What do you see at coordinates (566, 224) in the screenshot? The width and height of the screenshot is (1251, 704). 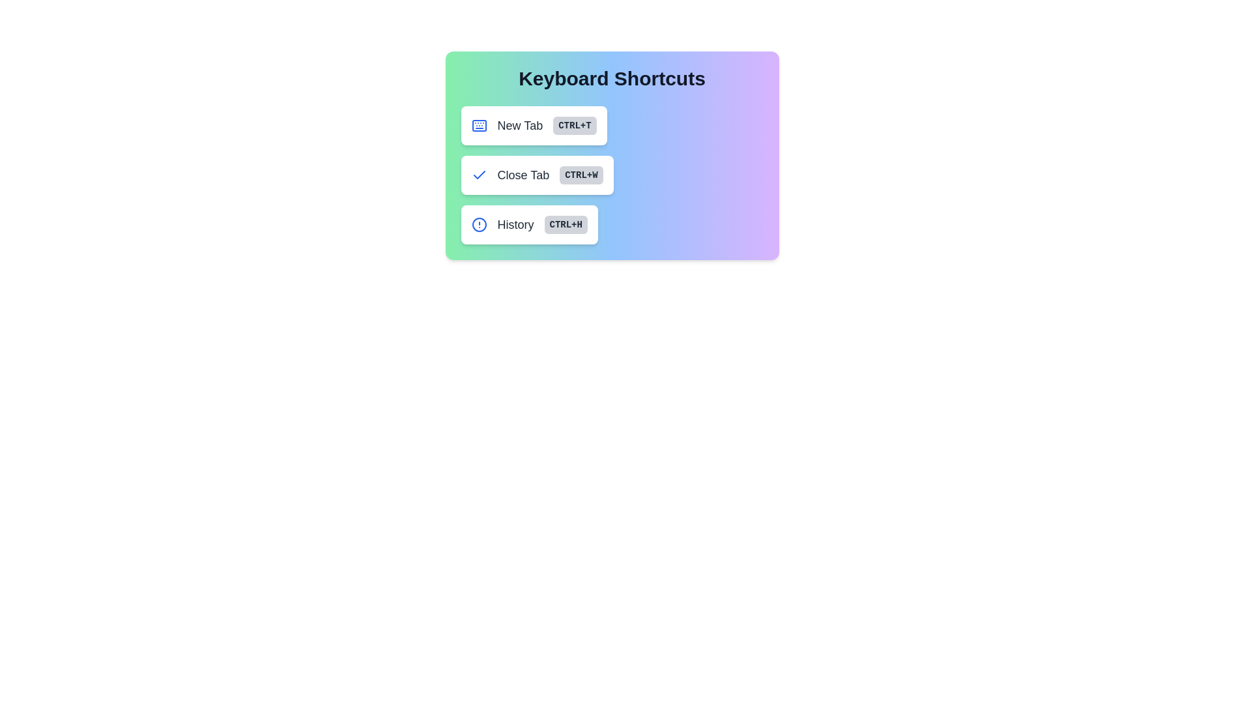 I see `the small button-like Label/Badge with the text 'Ctrl+H', which is positioned to the far-right of the 'History' button and has a light gray background with bold uppercase text` at bounding box center [566, 224].